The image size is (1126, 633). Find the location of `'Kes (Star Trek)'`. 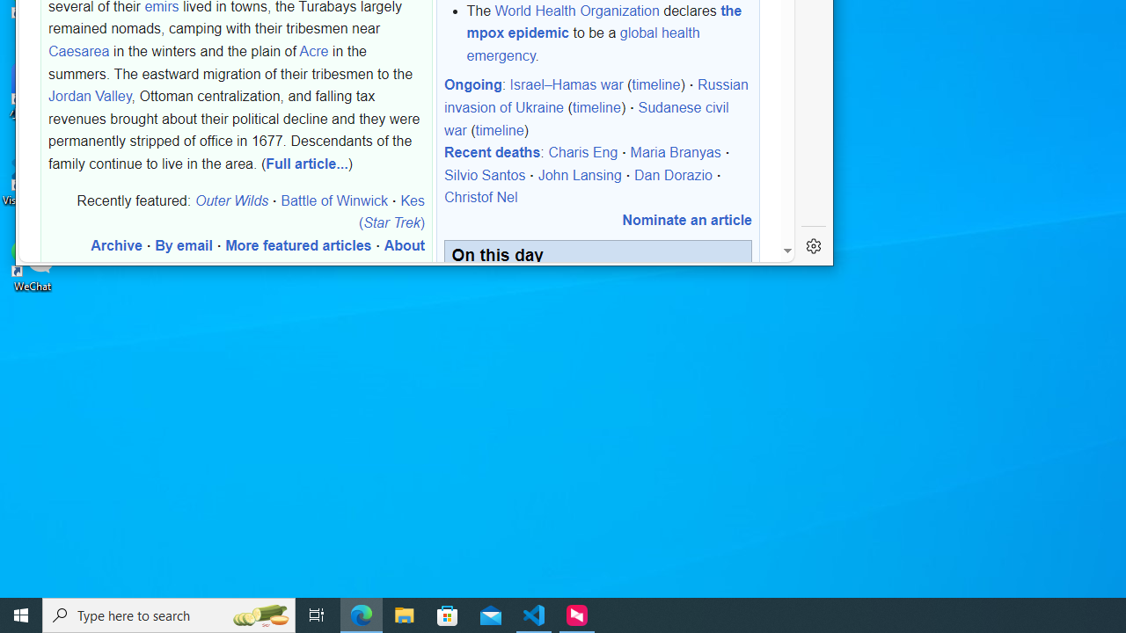

'Kes (Star Trek)' is located at coordinates (390, 210).